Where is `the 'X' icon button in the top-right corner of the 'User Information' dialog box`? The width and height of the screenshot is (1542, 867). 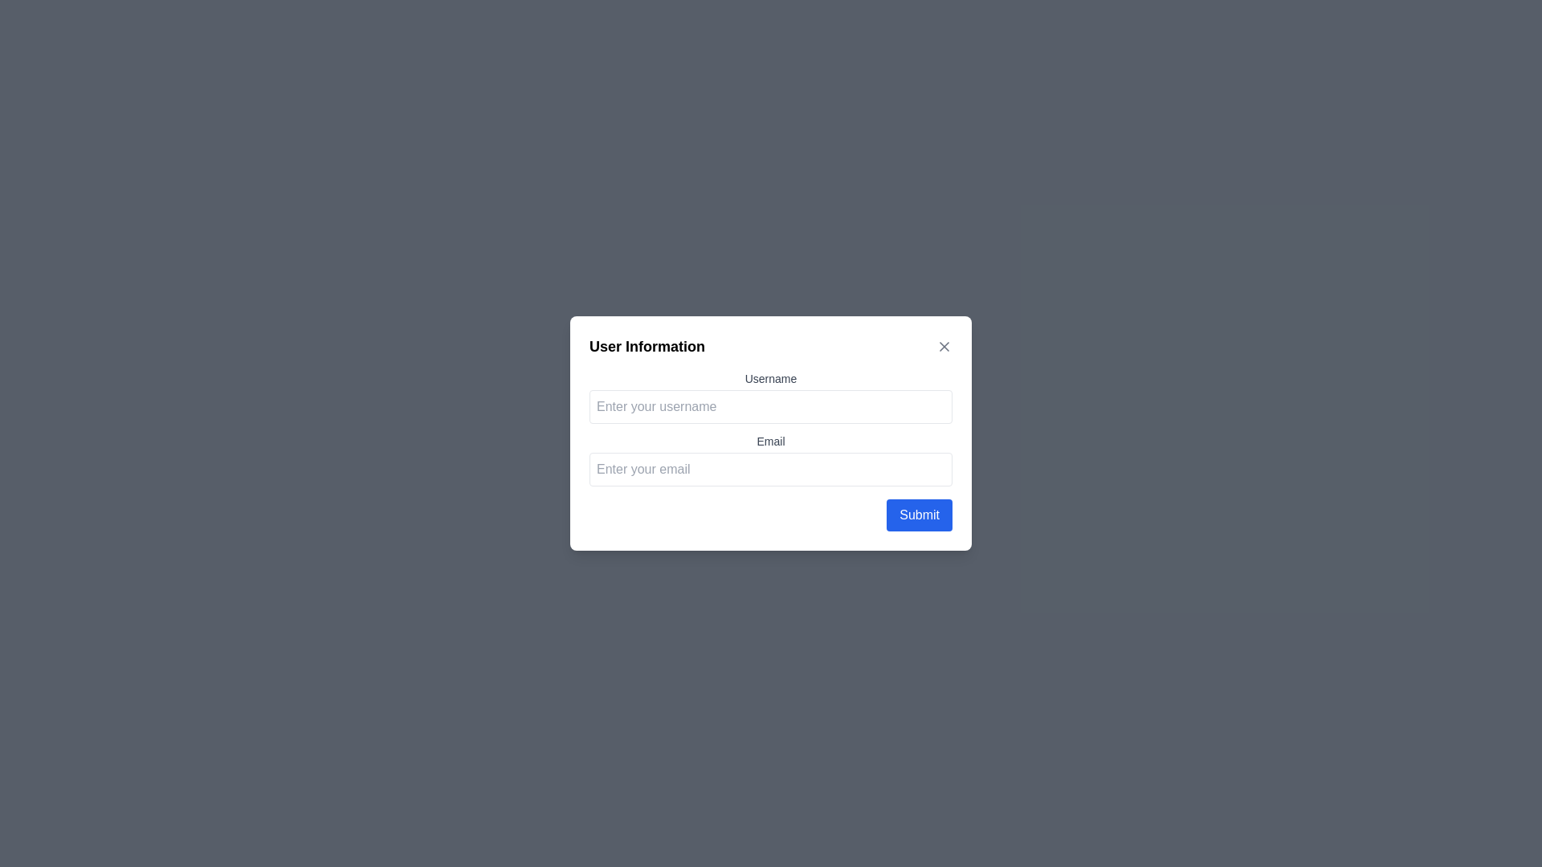 the 'X' icon button in the top-right corner of the 'User Information' dialog box is located at coordinates (944, 346).